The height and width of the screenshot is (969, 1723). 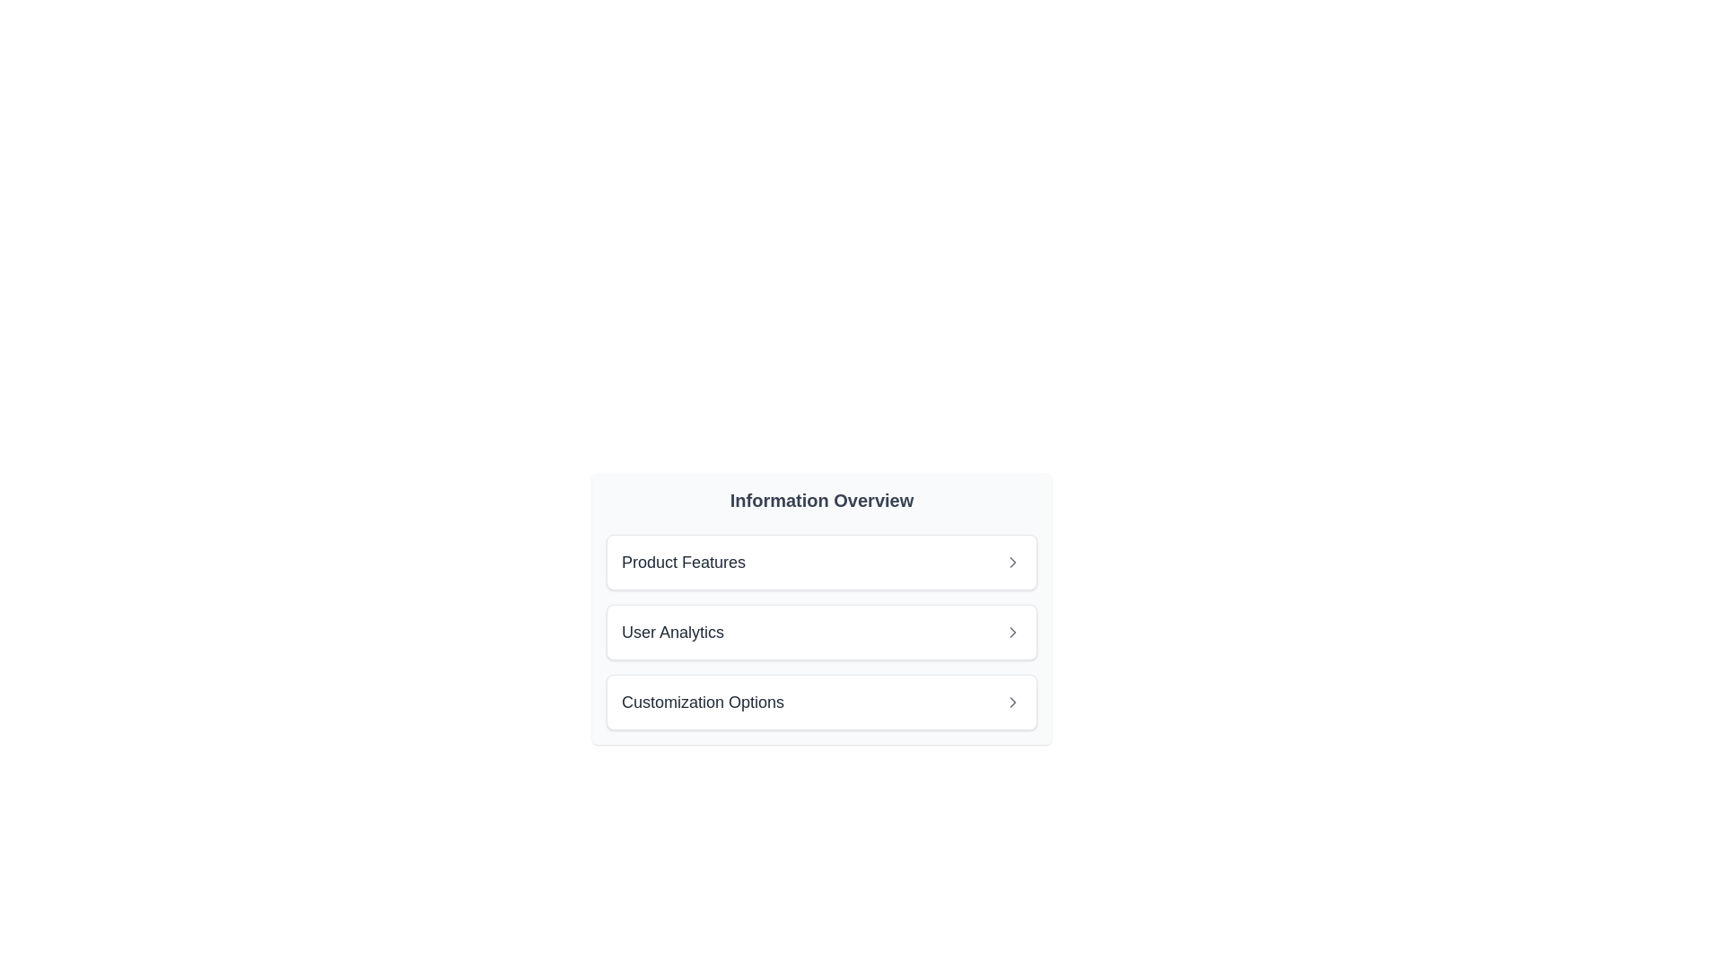 What do you see at coordinates (821, 632) in the screenshot?
I see `to select the 'User Analytics' option, which is the second entry in the vertically stacked list under the 'Information Overview' panel` at bounding box center [821, 632].